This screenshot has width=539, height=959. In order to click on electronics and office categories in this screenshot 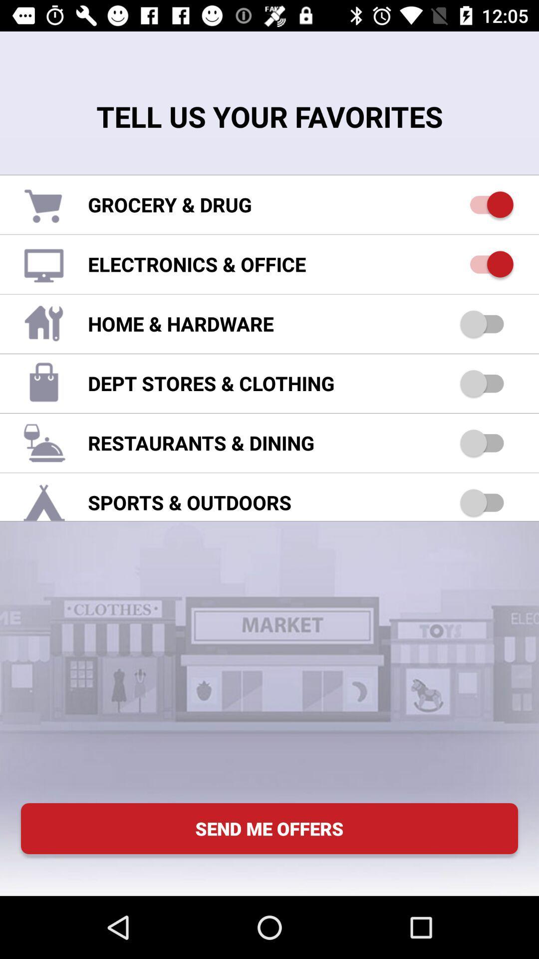, I will do `click(486, 264)`.